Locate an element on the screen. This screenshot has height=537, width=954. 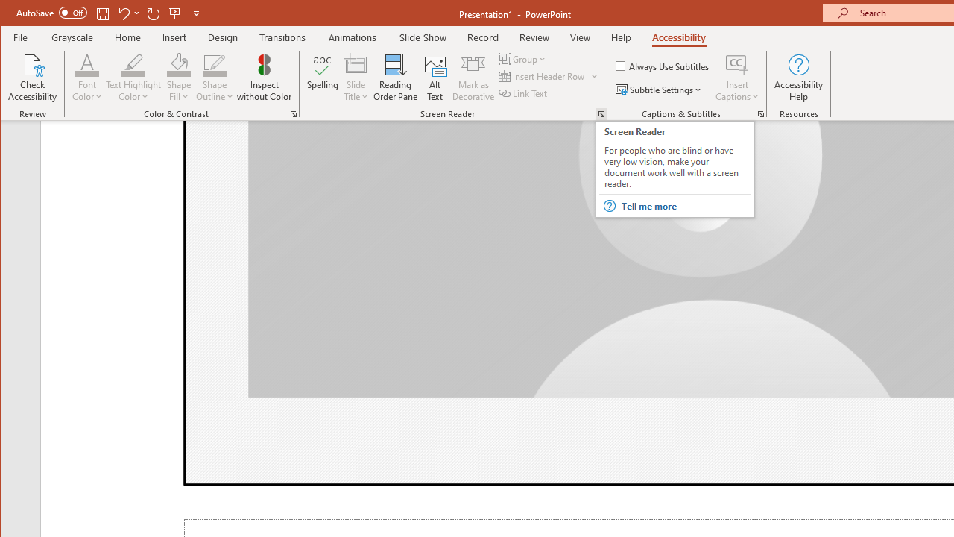
'Color & Contrast' is located at coordinates (294, 113).